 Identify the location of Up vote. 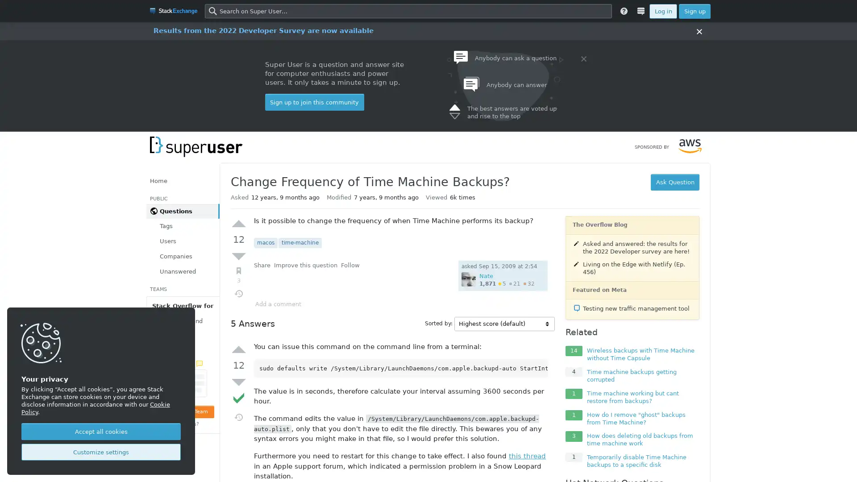
(238, 223).